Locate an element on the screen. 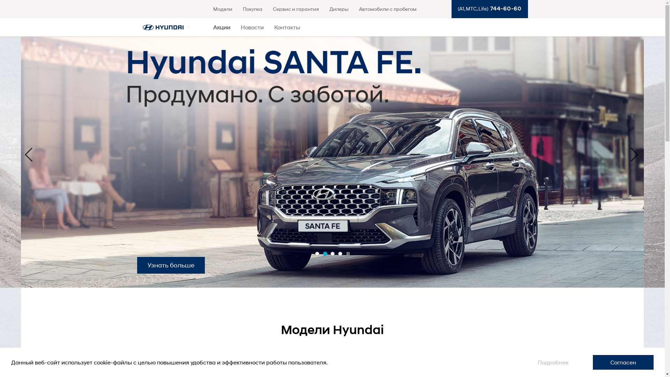 This screenshot has width=670, height=377. 'Previous' is located at coordinates (28, 154).